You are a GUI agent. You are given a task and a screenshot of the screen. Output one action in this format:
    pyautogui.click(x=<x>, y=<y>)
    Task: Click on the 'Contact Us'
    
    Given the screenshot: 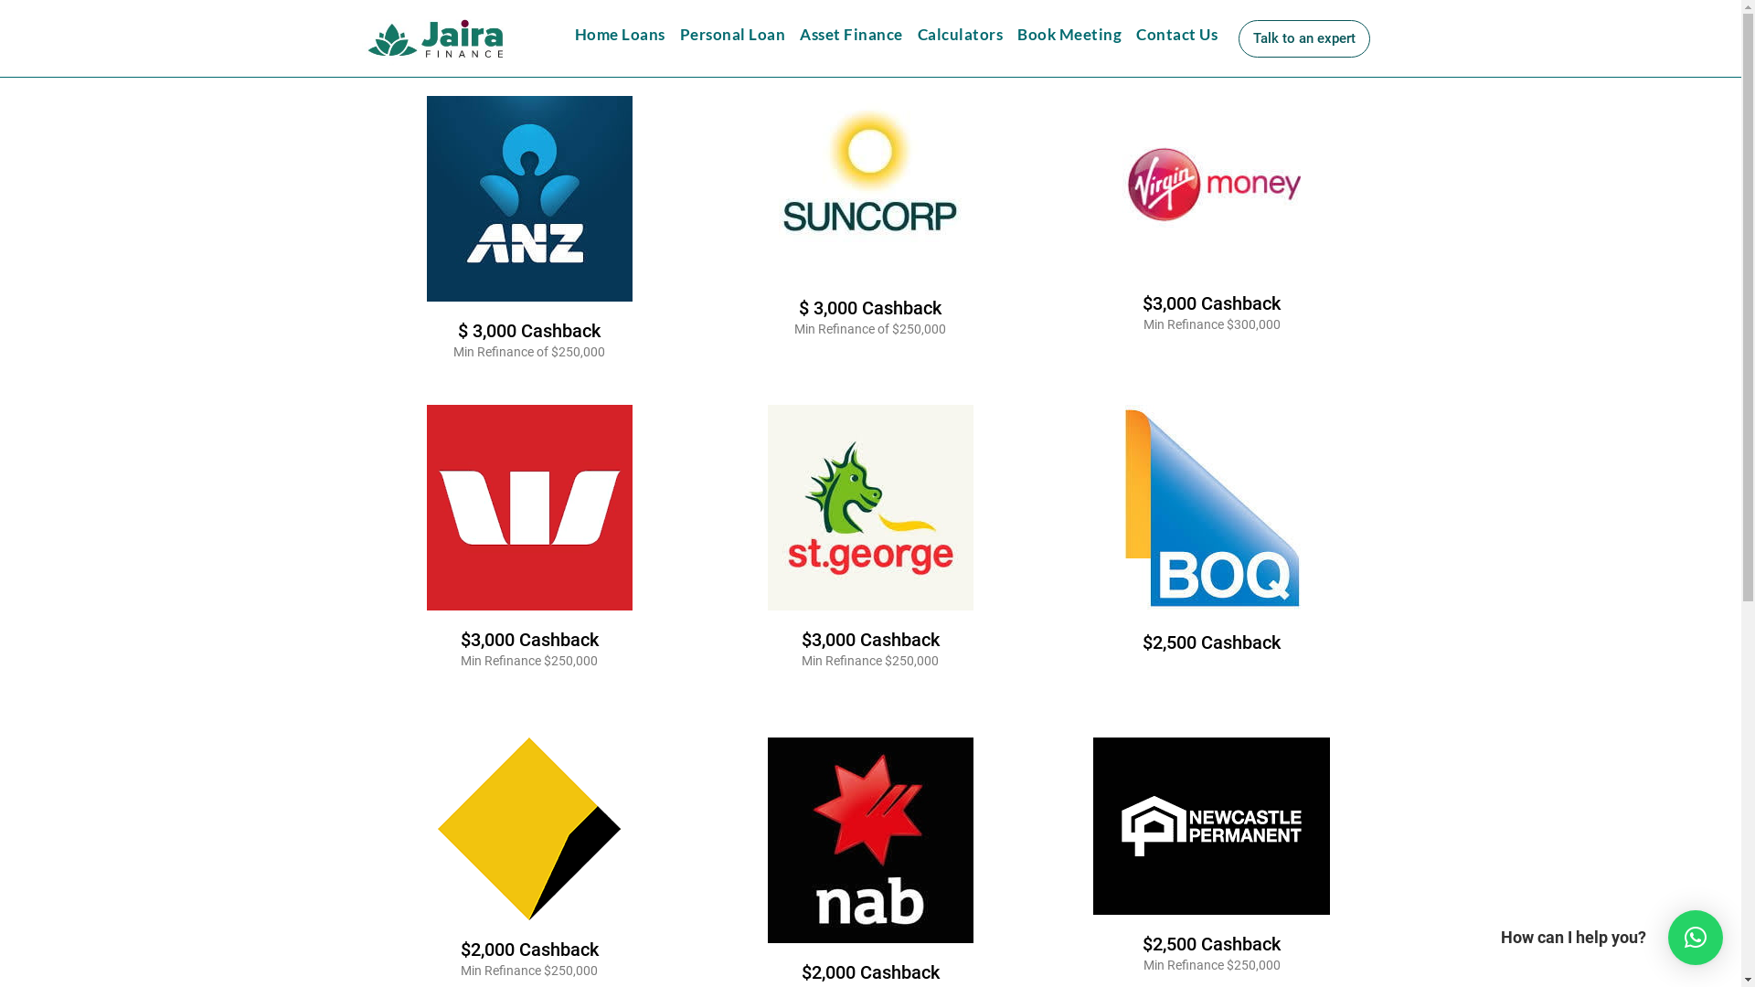 What is the action you would take?
    pyautogui.click(x=1176, y=35)
    